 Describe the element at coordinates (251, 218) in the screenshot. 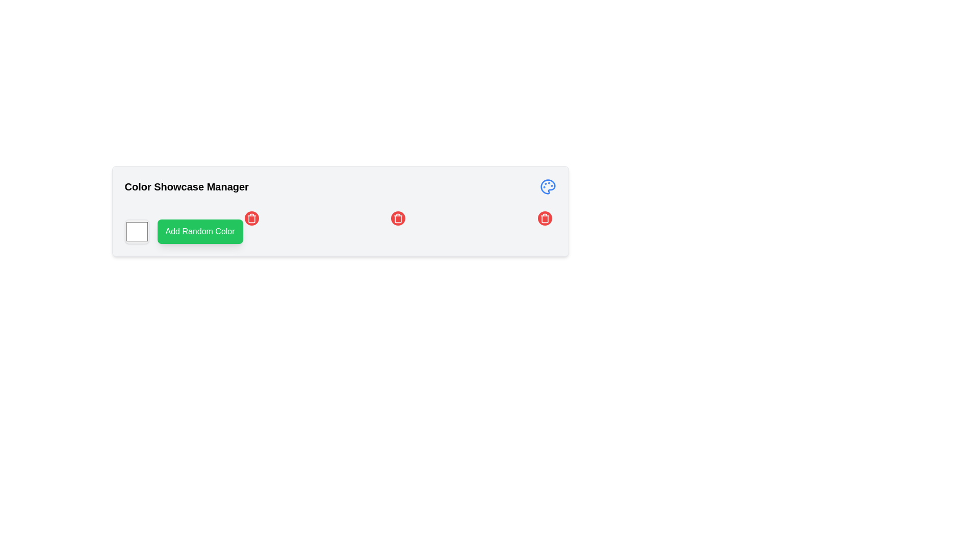

I see `the trash can icon button located at the end of the green 'Add Random Color' button` at that location.